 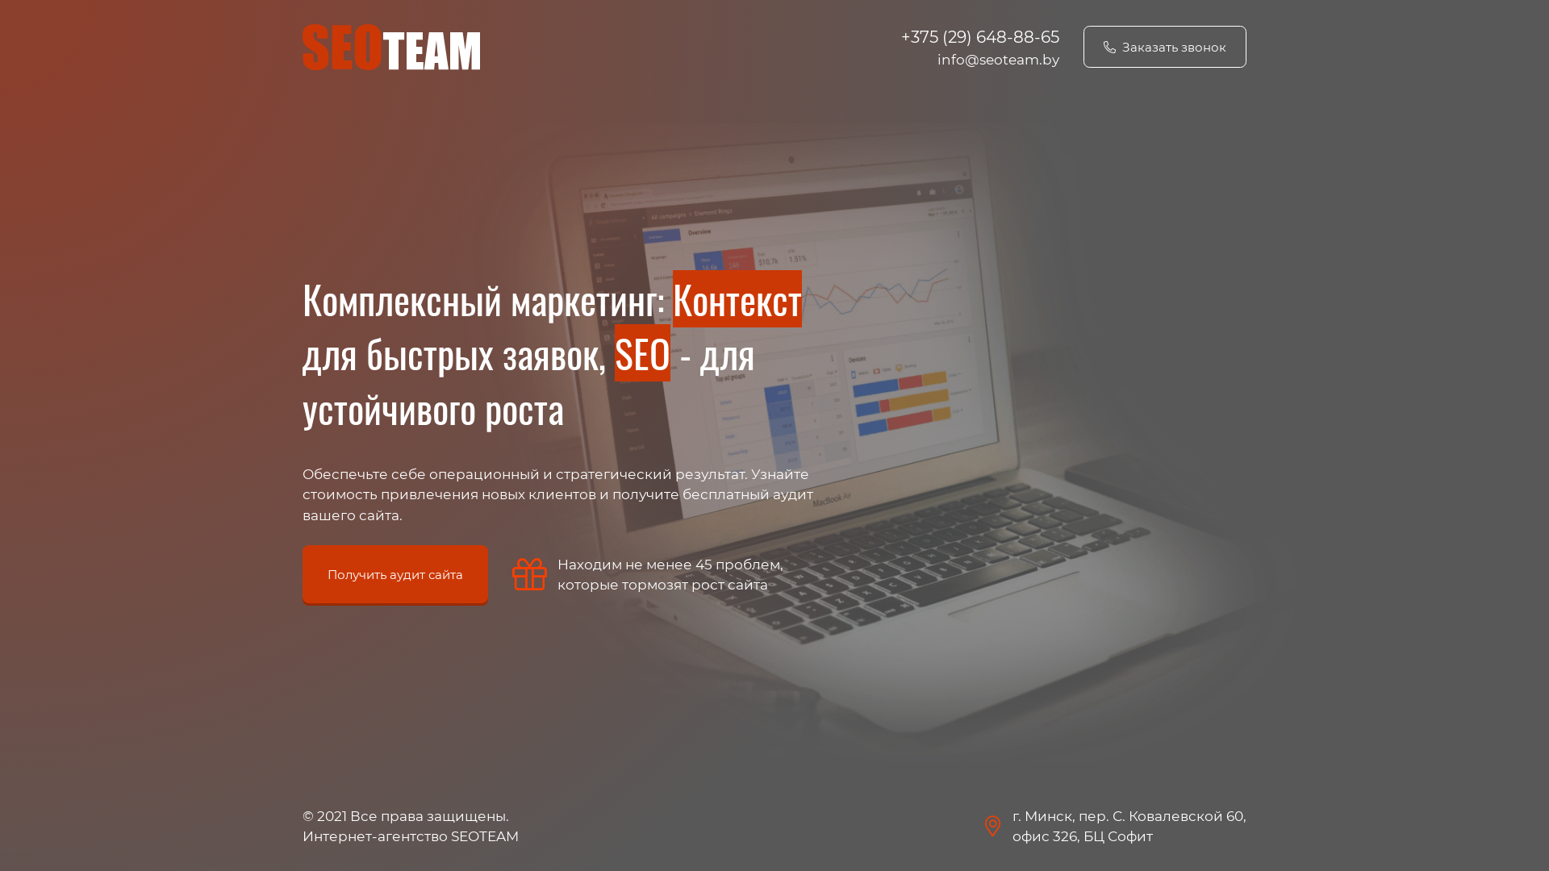 What do you see at coordinates (937, 58) in the screenshot?
I see `'info@seoteam.by'` at bounding box center [937, 58].